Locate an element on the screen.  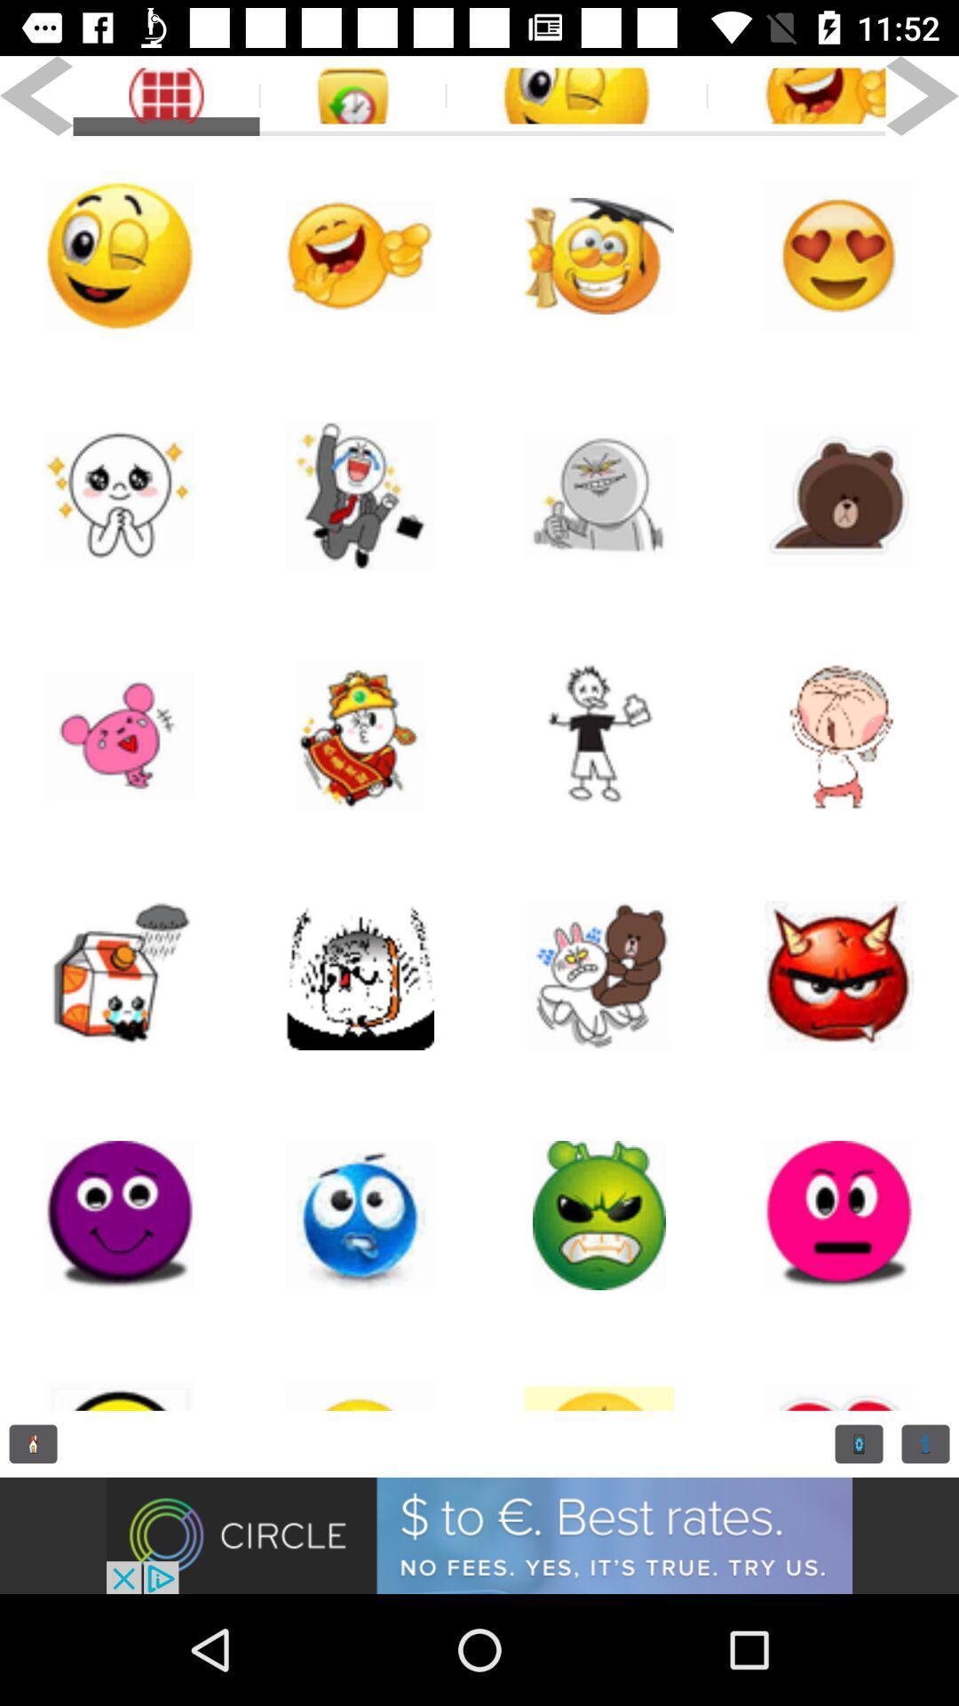
standing in picture is located at coordinates (599, 736).